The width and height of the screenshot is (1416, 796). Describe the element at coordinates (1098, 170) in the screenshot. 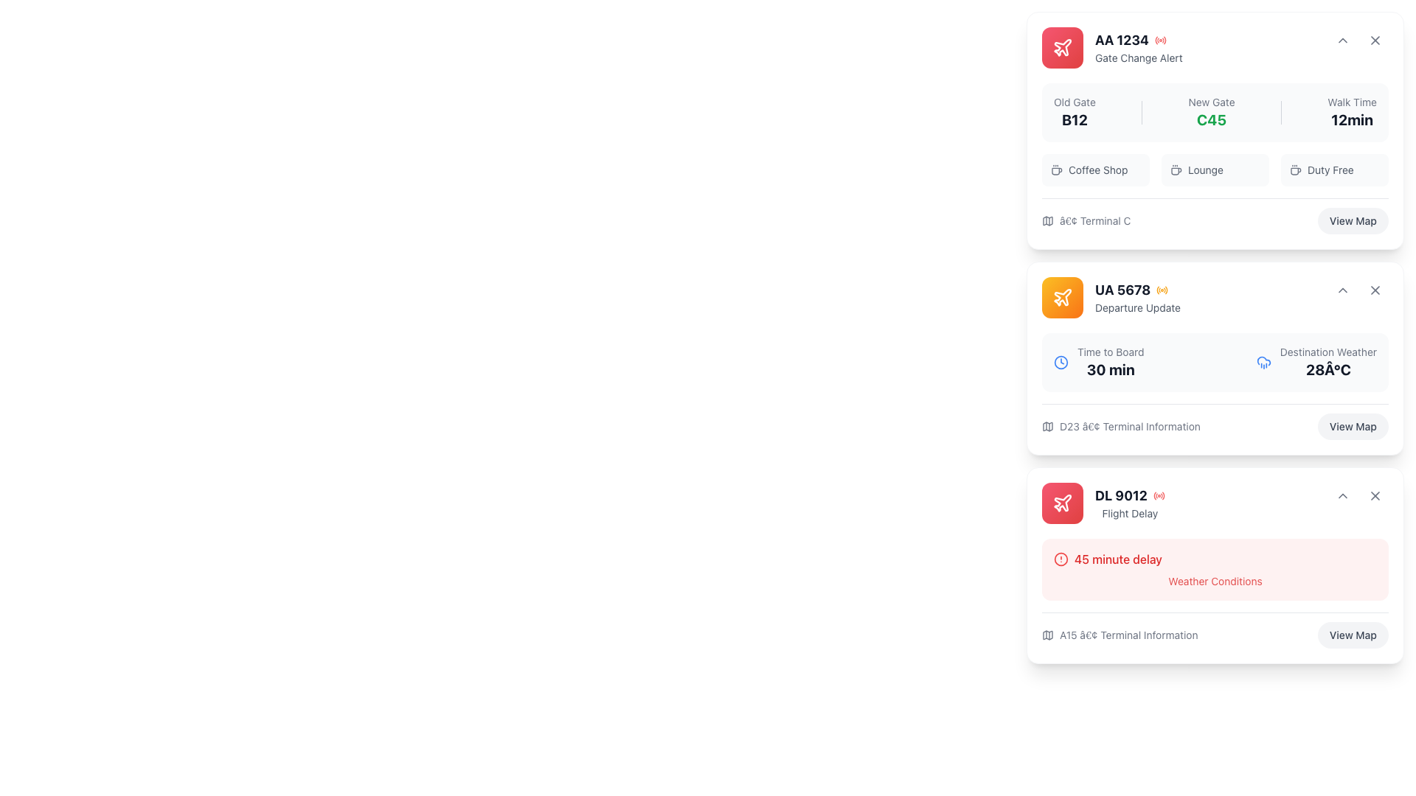

I see `the Text label that provides contextual information about the availability of a Coffee Shop facility, located within the card labeled 'AA 1234', positioned between the coffee cup icon and the 'Lounge' label` at that location.